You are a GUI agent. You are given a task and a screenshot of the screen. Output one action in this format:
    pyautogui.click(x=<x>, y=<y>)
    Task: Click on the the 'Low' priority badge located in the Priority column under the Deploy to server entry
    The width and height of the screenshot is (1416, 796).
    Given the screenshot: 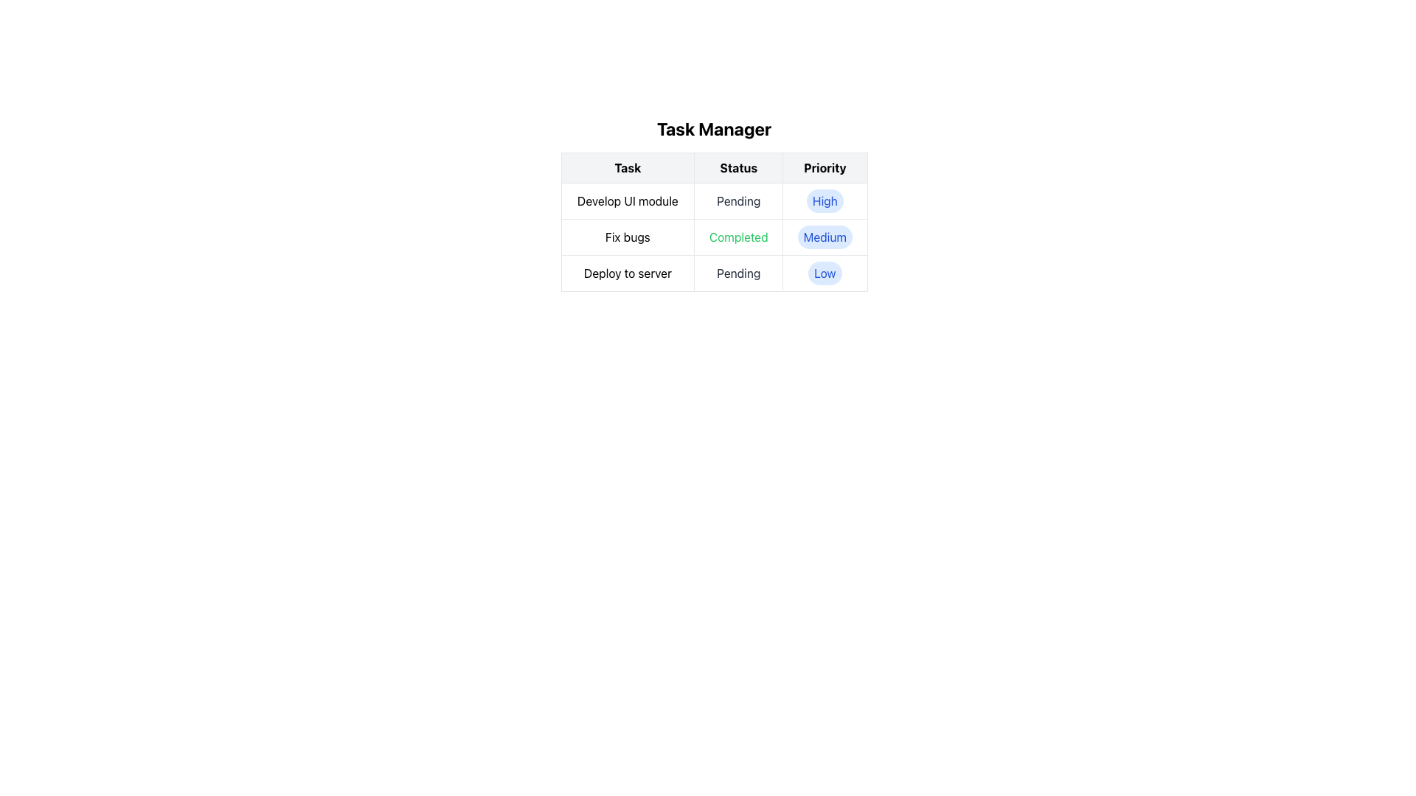 What is the action you would take?
    pyautogui.click(x=824, y=273)
    